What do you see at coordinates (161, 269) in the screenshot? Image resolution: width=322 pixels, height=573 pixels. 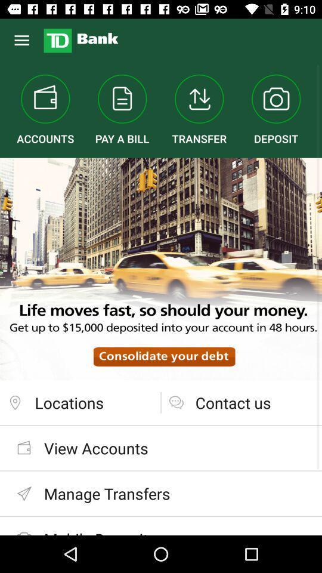 I see `the item at the center` at bounding box center [161, 269].